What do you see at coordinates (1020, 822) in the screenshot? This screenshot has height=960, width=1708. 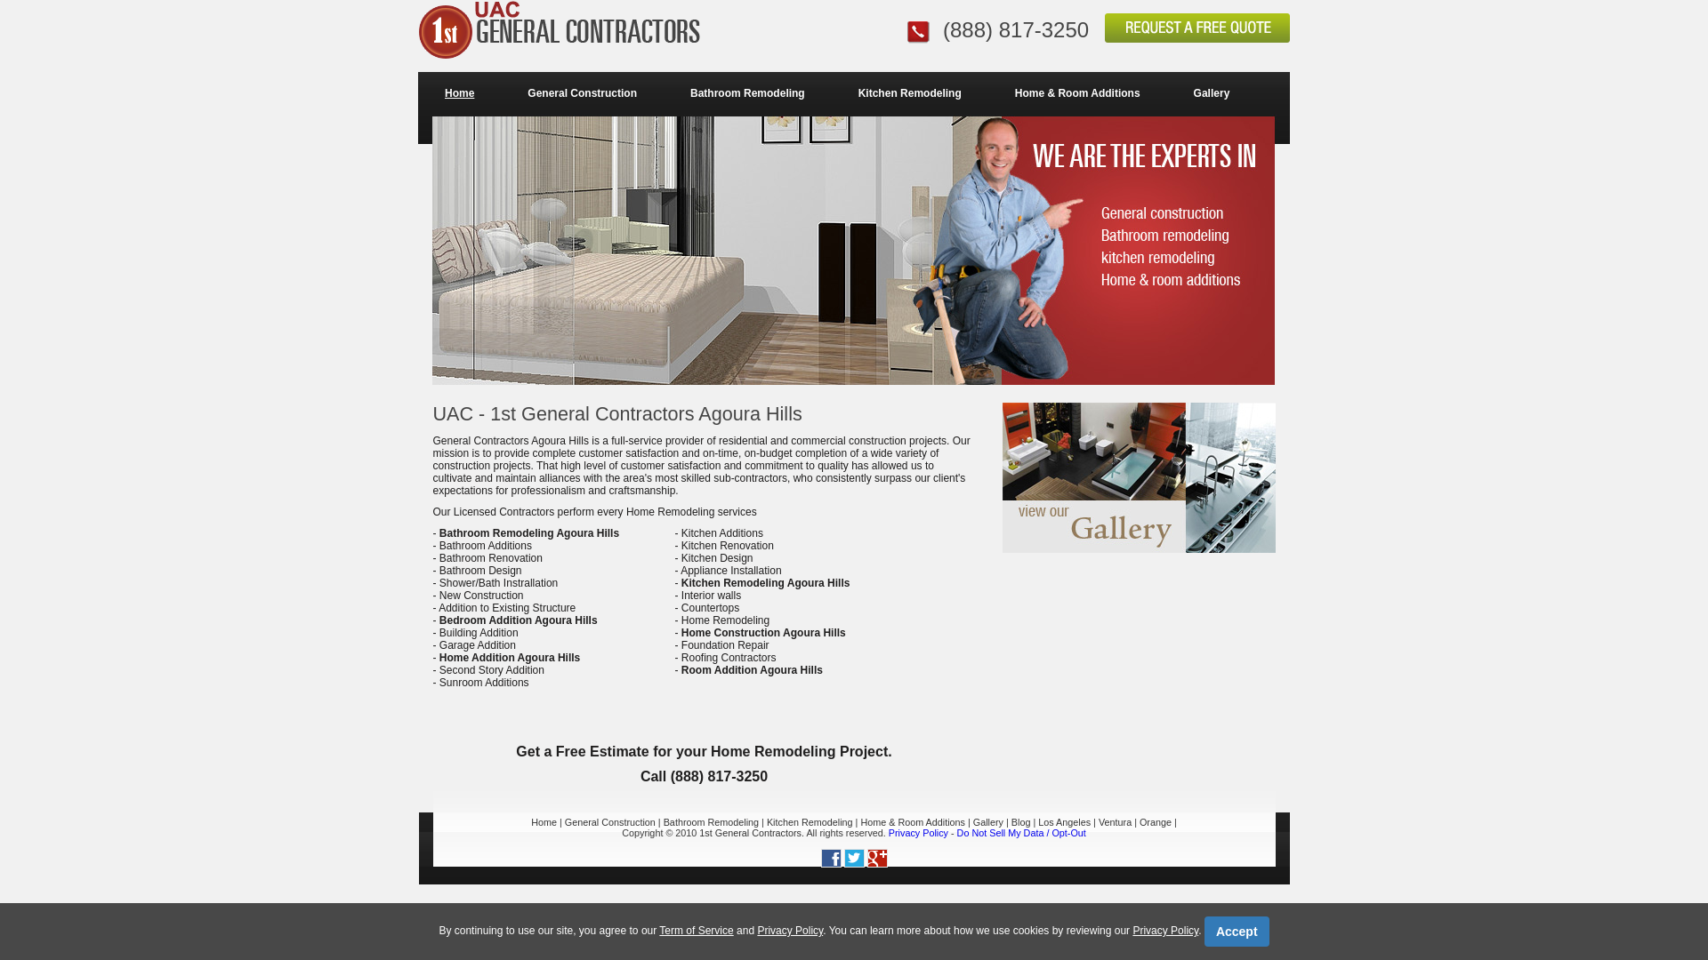 I see `'Blog'` at bounding box center [1020, 822].